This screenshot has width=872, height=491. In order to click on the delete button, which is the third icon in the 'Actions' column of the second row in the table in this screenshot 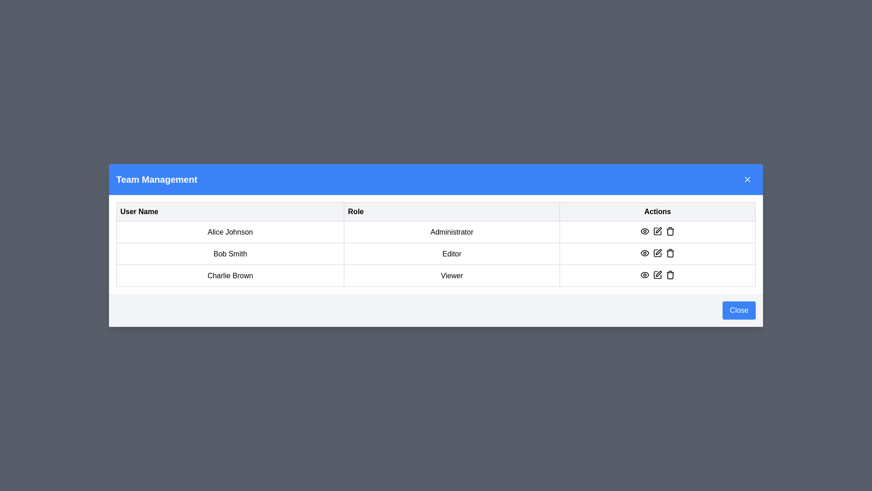, I will do `click(670, 231)`.